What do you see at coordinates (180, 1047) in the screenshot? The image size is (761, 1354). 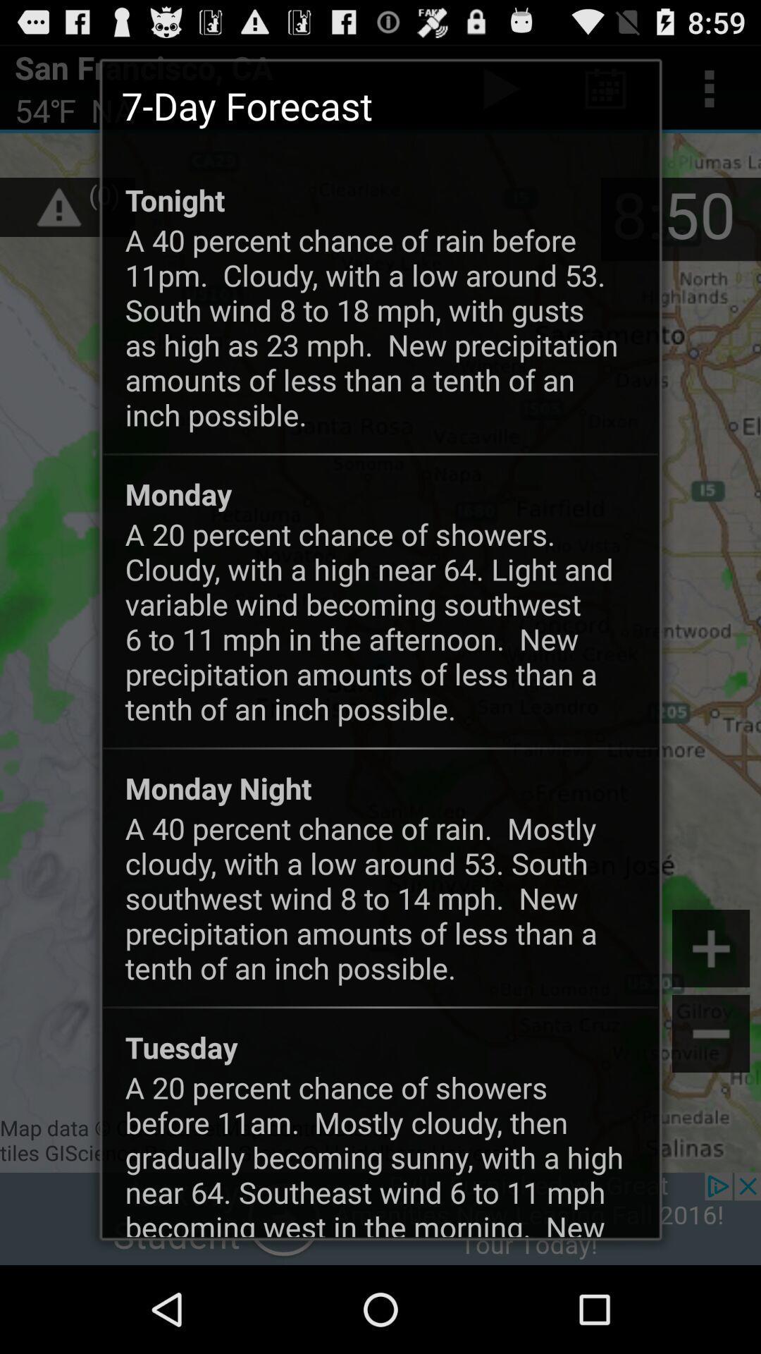 I see `the icon above the a 20 percent` at bounding box center [180, 1047].